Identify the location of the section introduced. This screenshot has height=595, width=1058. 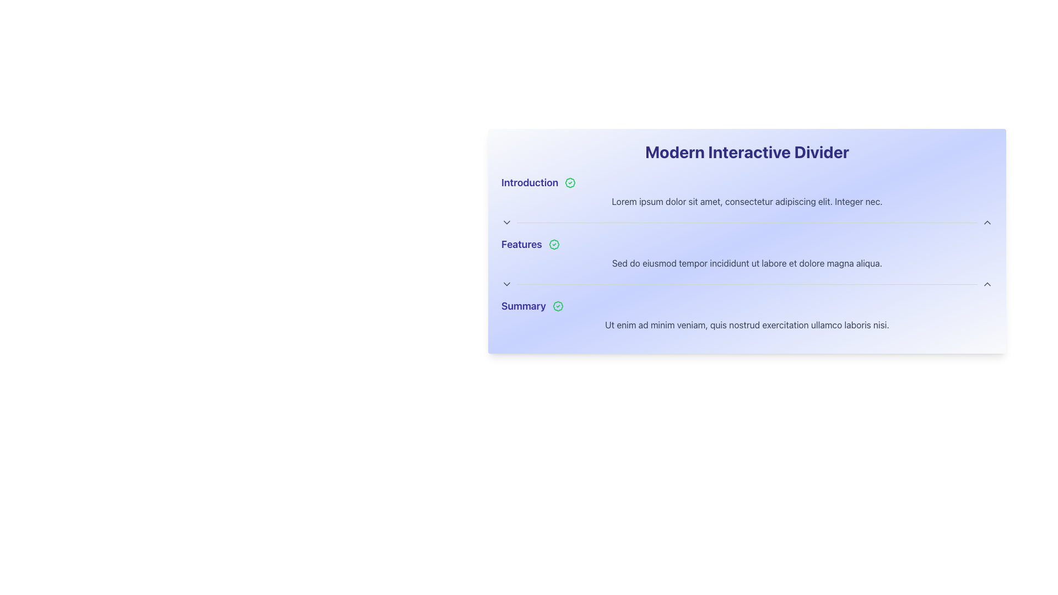
(747, 306).